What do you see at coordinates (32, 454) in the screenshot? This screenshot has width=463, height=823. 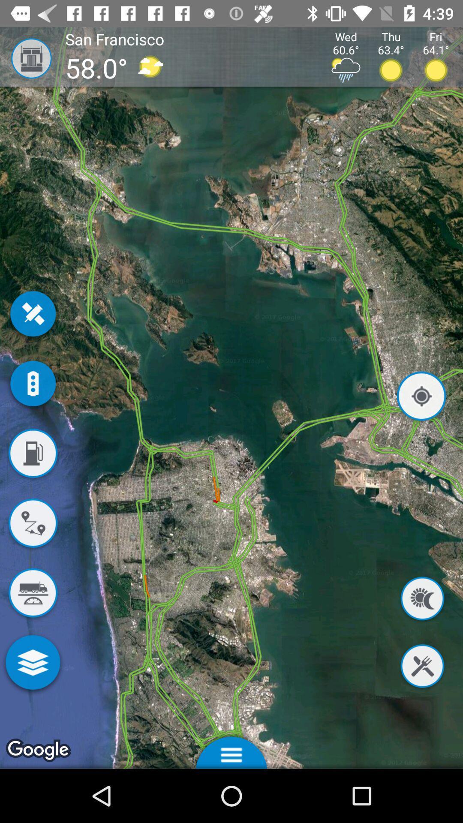 I see `the avatar icon` at bounding box center [32, 454].